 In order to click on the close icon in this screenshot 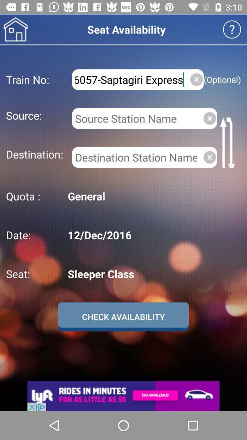, I will do `click(209, 118)`.